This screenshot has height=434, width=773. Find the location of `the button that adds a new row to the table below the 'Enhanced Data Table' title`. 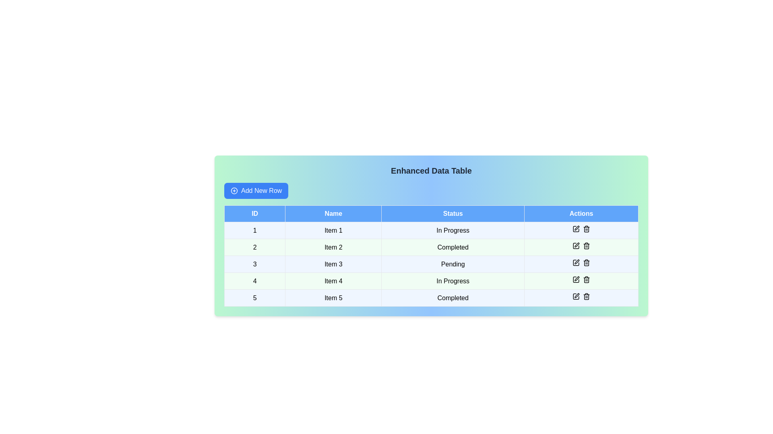

the button that adds a new row to the table below the 'Enhanced Data Table' title is located at coordinates (256, 190).